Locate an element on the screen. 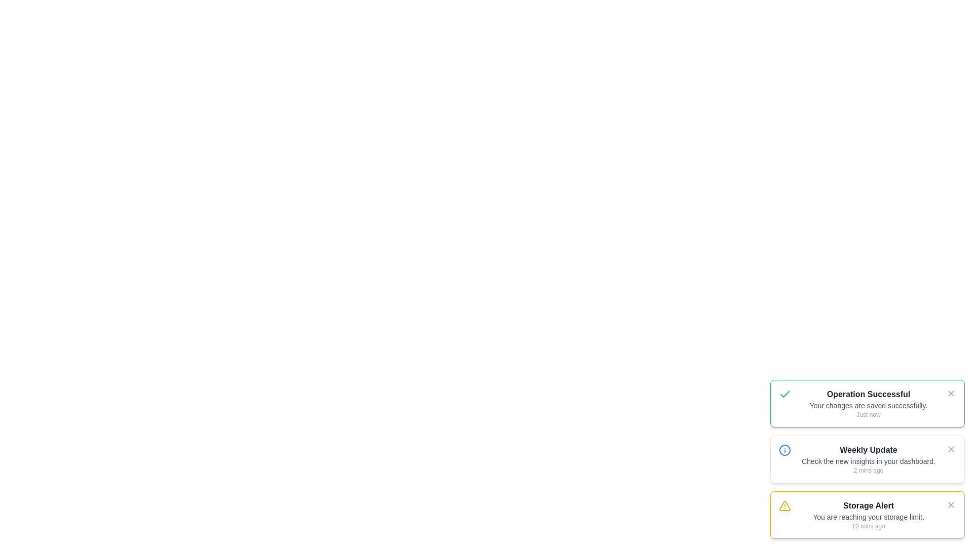 The height and width of the screenshot is (547, 973). the close button in the upper right corner of the 'Weekly Update' notification card to change its color is located at coordinates (950, 449).